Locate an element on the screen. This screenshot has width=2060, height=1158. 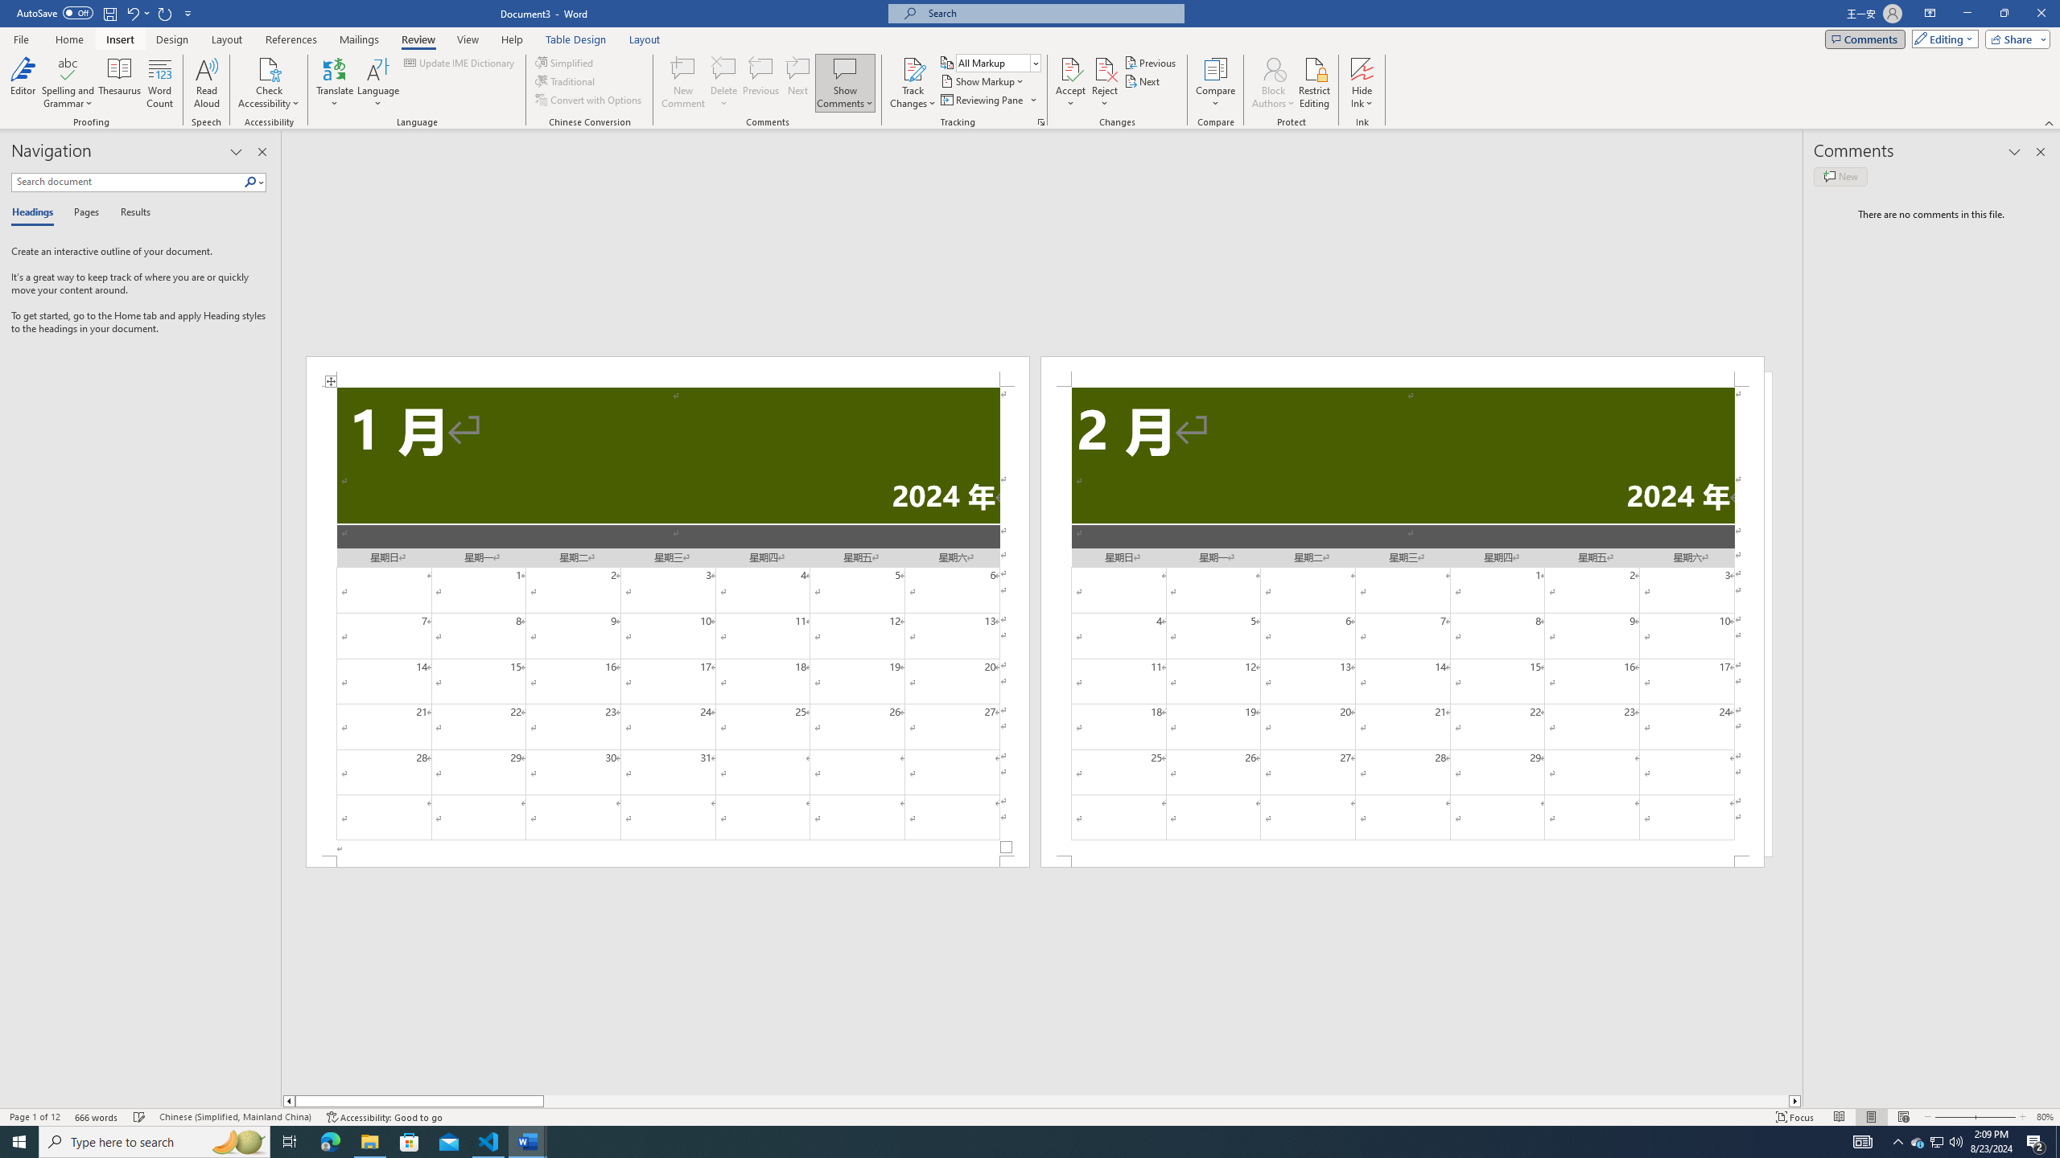
'Reviewing Pane' is located at coordinates (987, 98).